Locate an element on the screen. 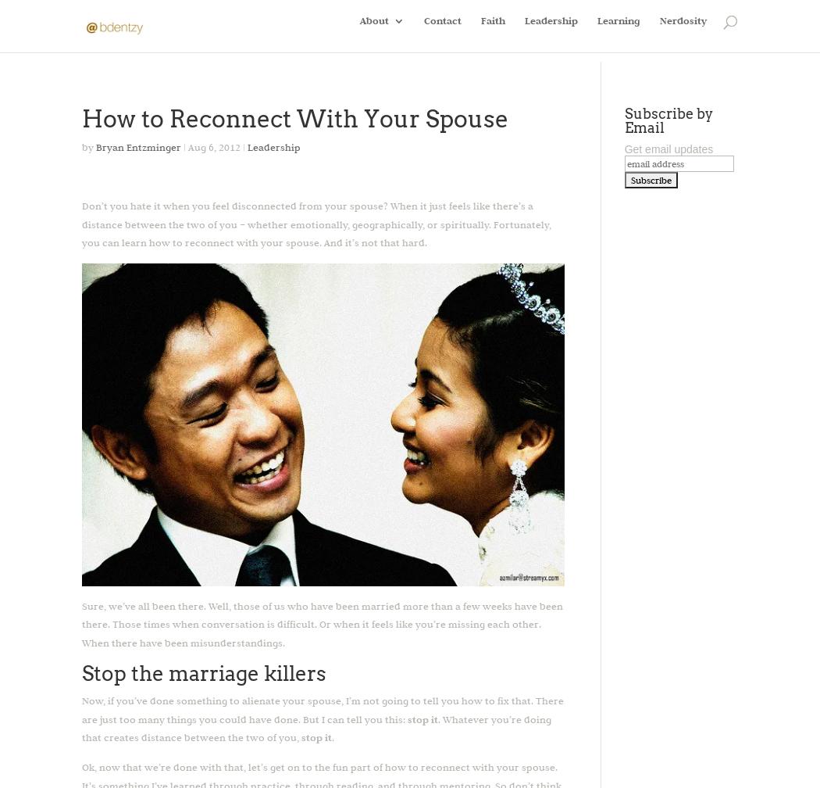 This screenshot has width=820, height=788. 'FTC Disclosure' is located at coordinates (426, 95).